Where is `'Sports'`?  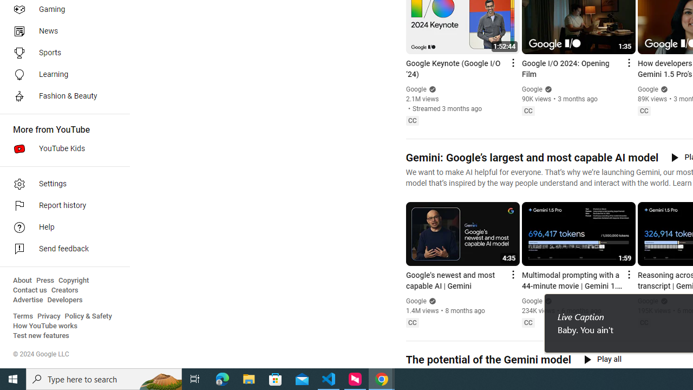
'Sports' is located at coordinates (61, 53).